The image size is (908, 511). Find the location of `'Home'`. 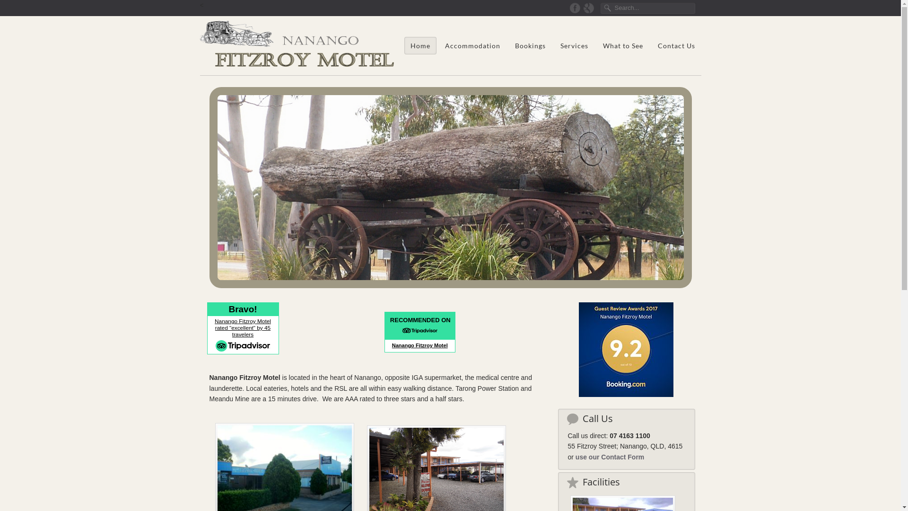

'Home' is located at coordinates (419, 45).